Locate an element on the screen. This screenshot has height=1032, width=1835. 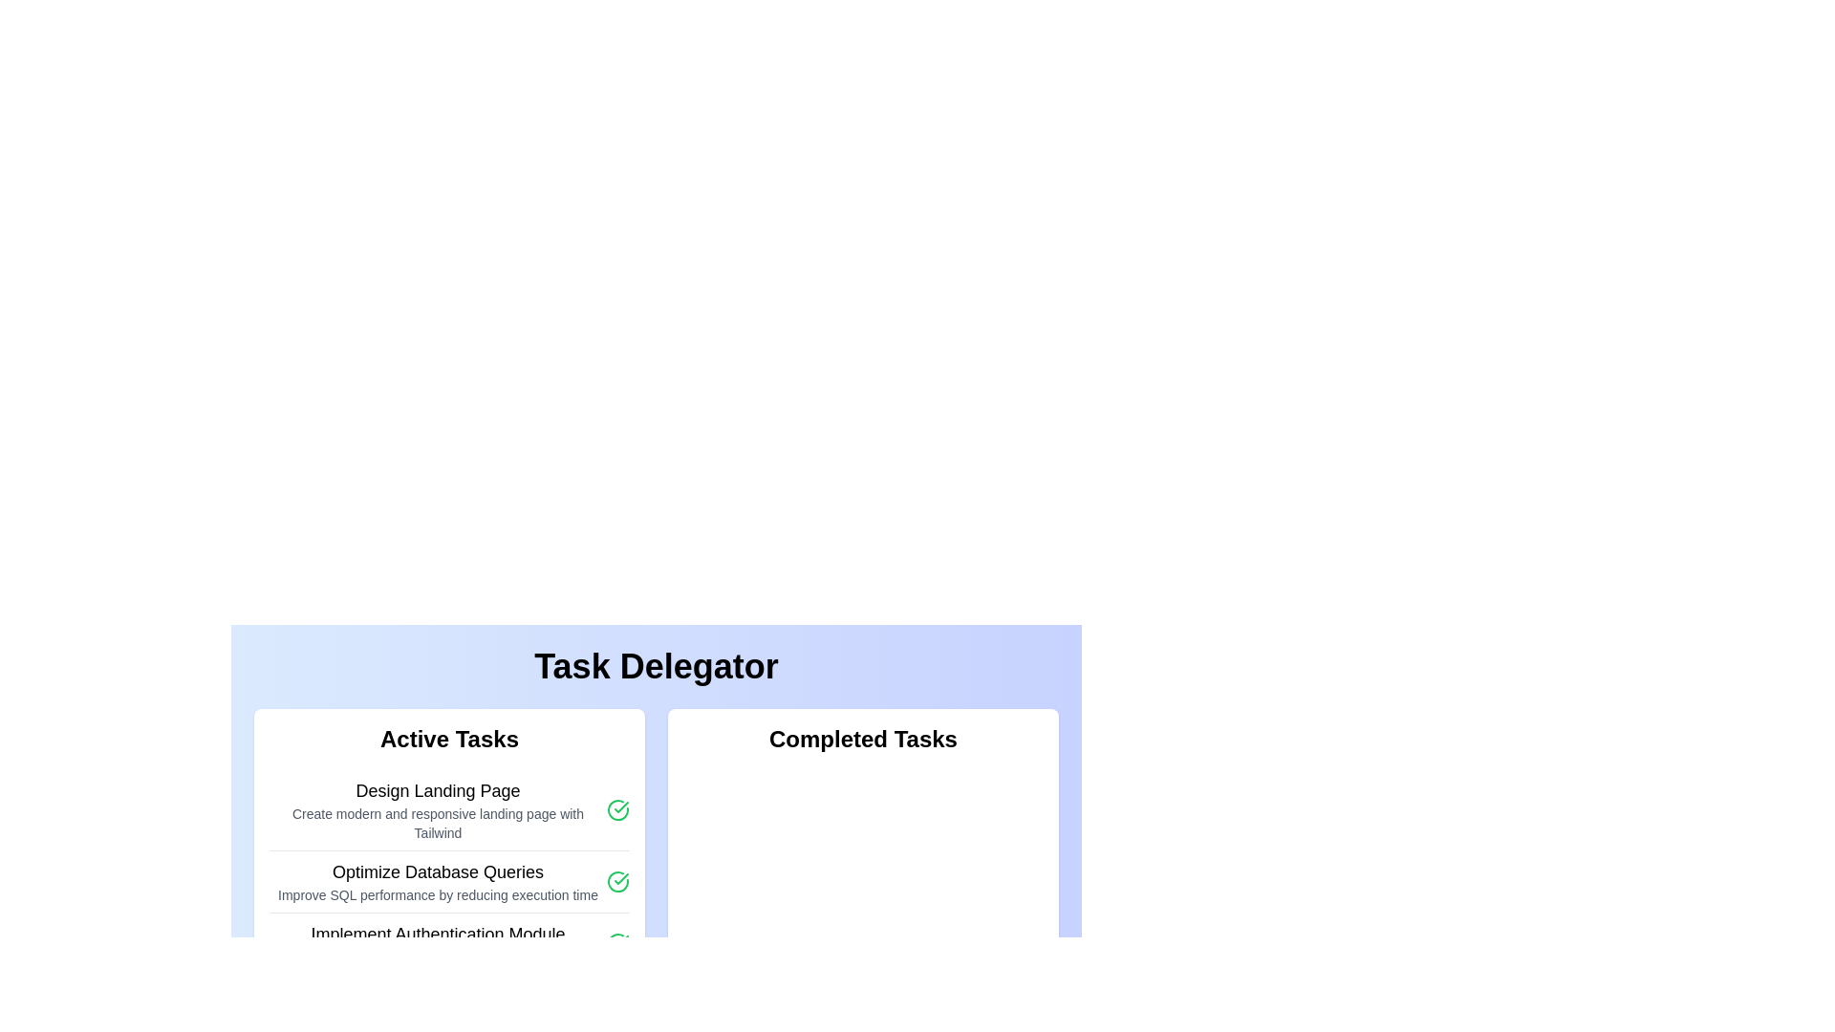
the third list item under 'Active Tasks' in the left panel of the interface is located at coordinates (448, 943).